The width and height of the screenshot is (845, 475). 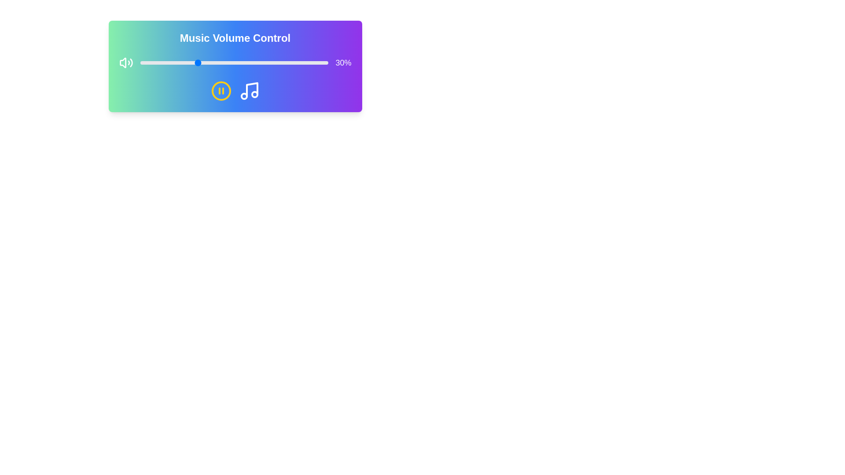 What do you see at coordinates (221, 91) in the screenshot?
I see `the first circular SVG graphical icon representing a pause or stop function, located centrally within the icon area, which includes a music symbol to its right` at bounding box center [221, 91].